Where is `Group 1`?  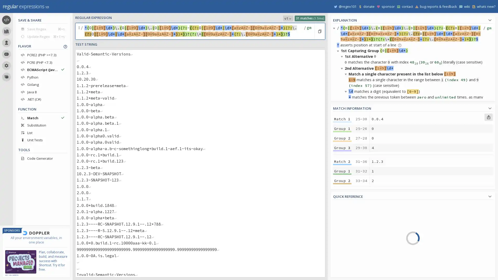 Group 1 is located at coordinates (342, 214).